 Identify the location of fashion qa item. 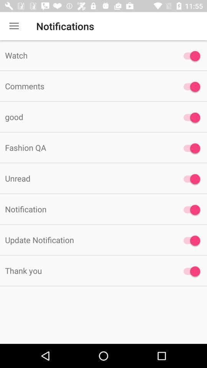
(86, 147).